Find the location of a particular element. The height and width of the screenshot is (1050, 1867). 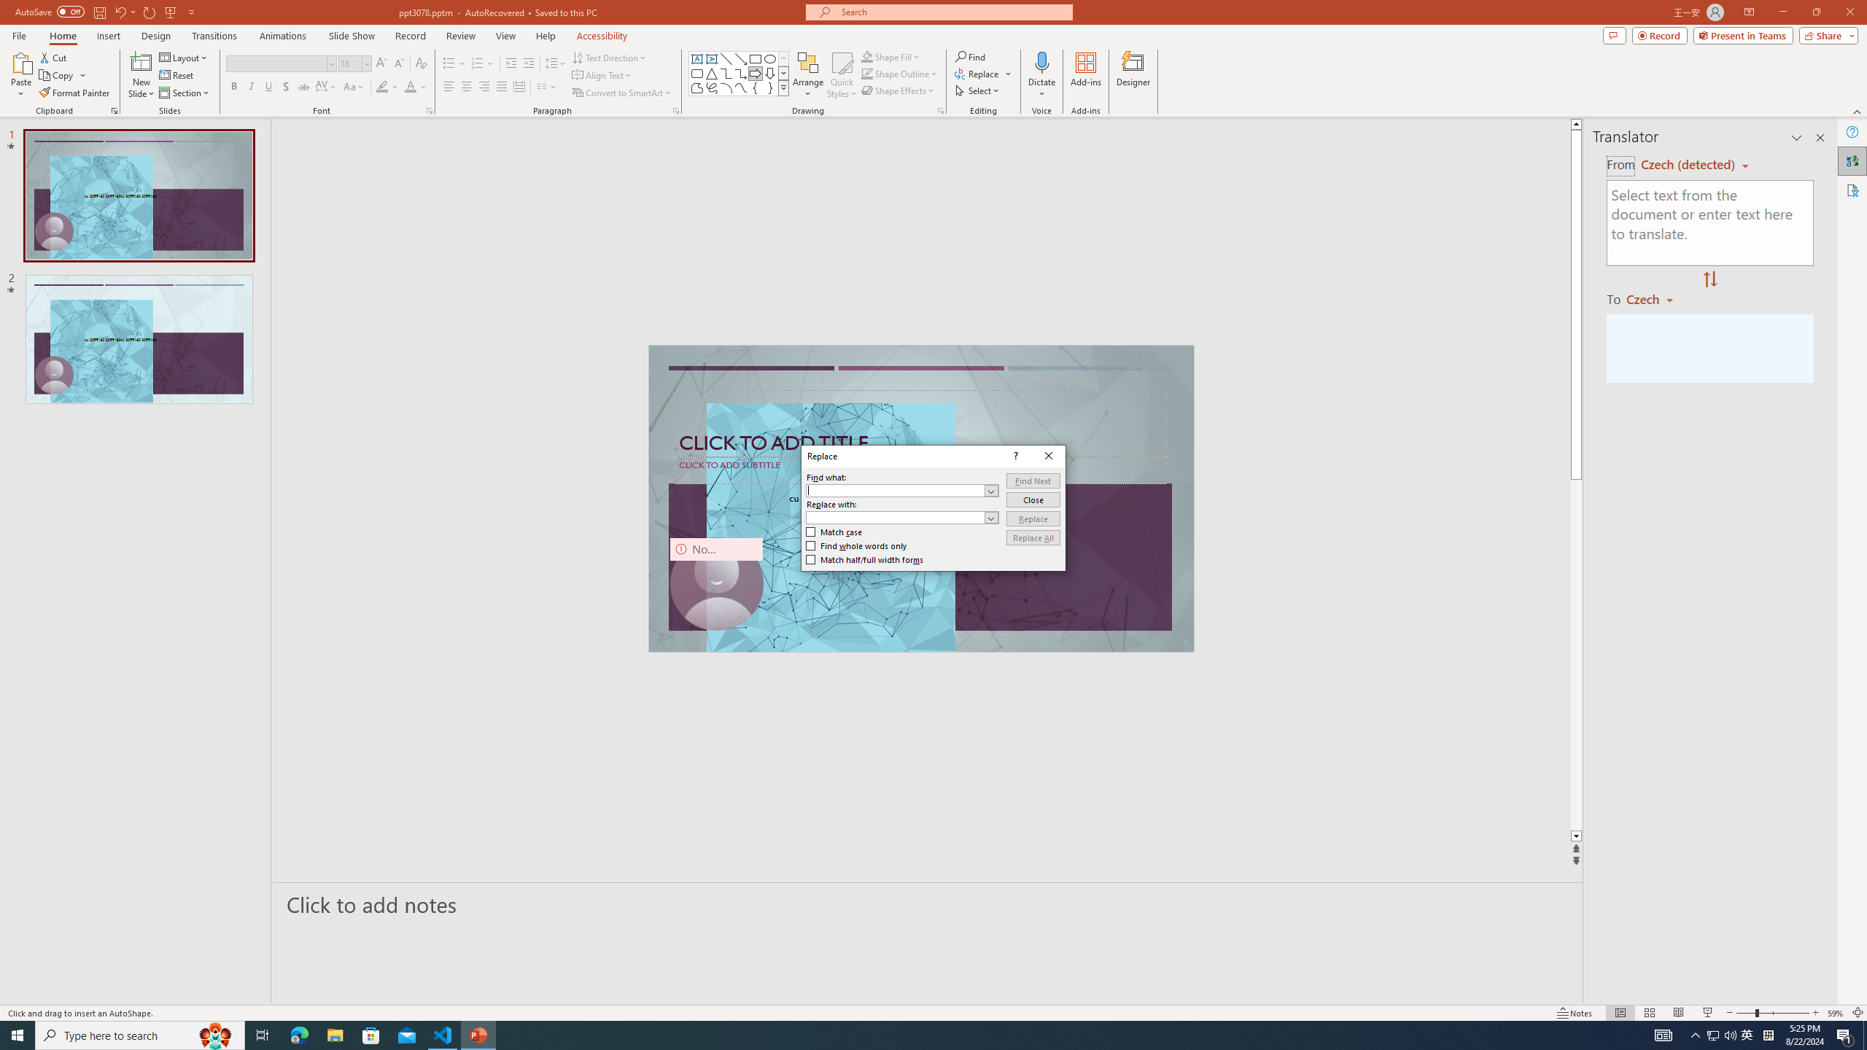

'Increase Indent' is located at coordinates (529, 63).